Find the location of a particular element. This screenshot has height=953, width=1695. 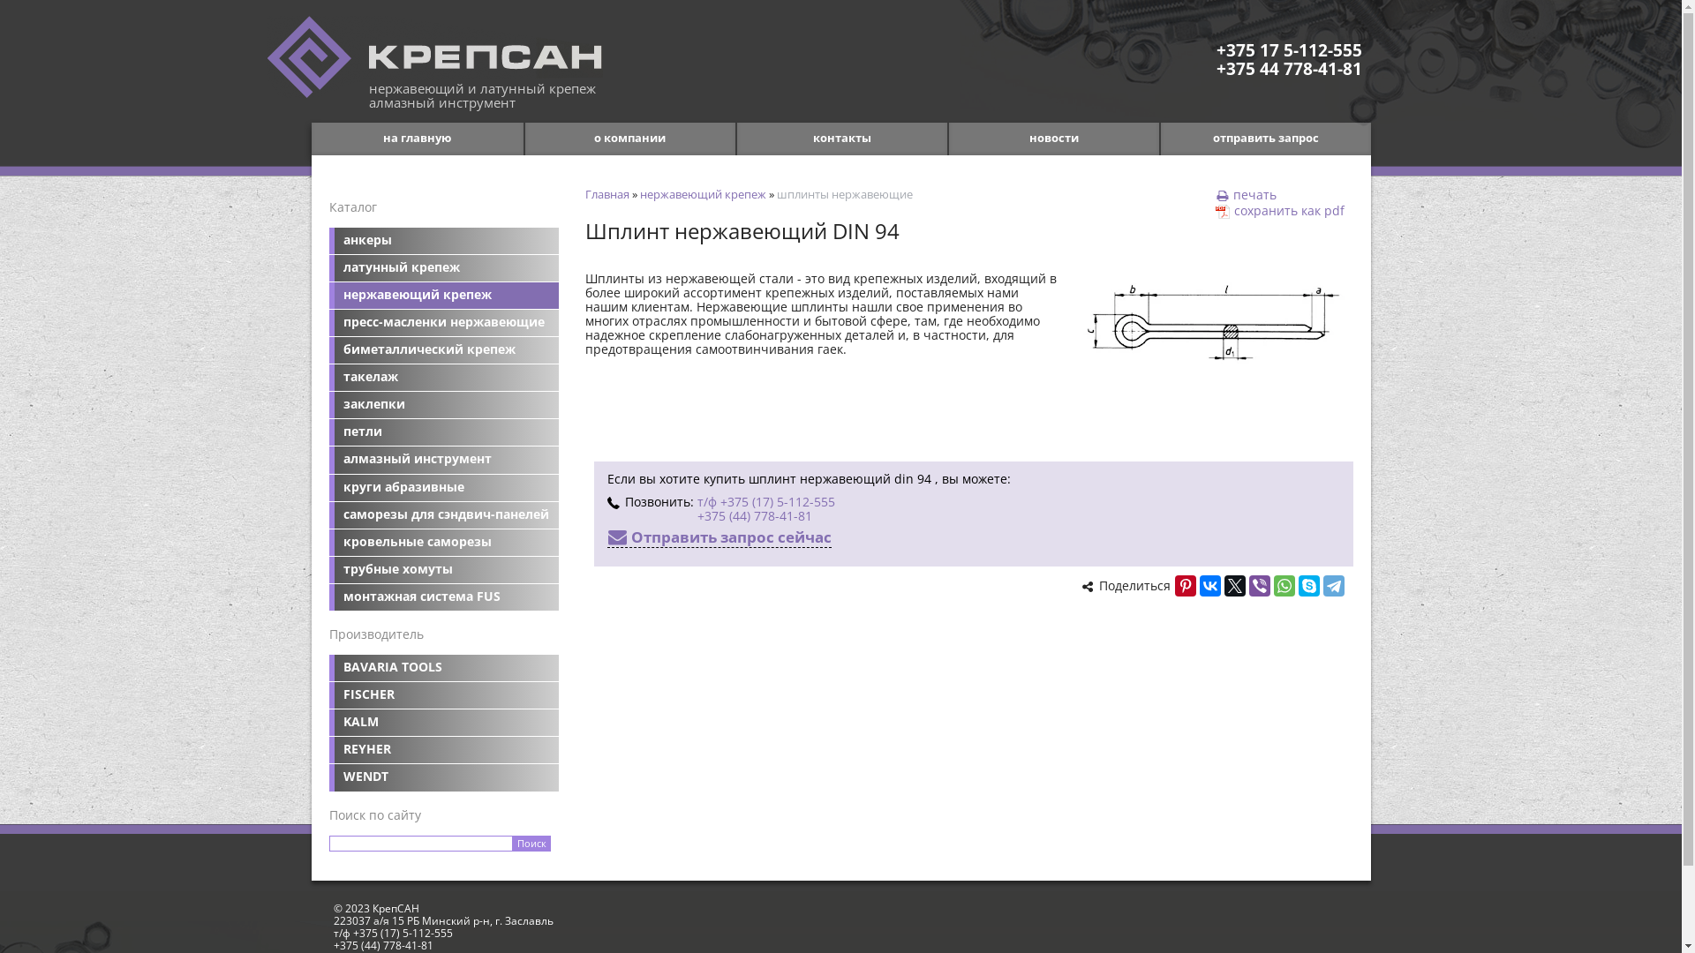

'WhatsApp' is located at coordinates (1284, 585).